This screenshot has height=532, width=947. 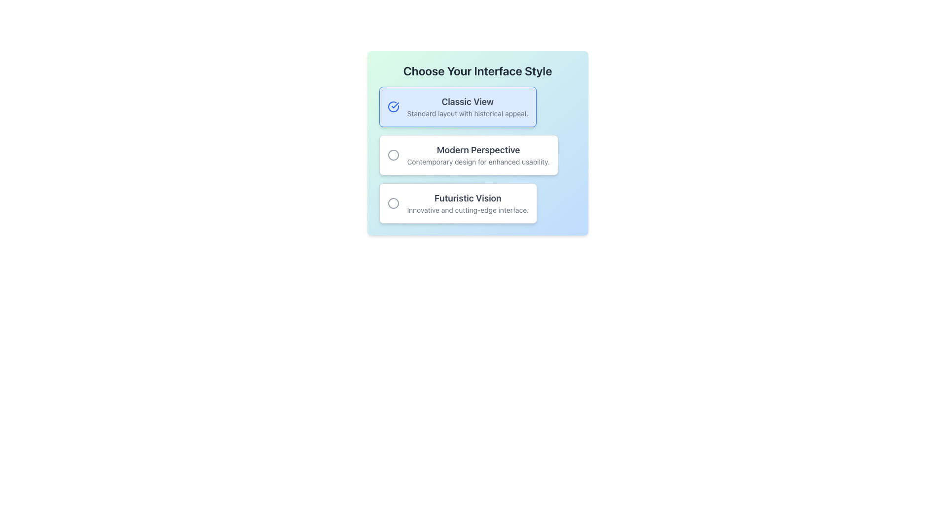 I want to click on the text element reading 'Standard layout with historical appeal.', which is located directly below the title 'Classic View', so click(x=467, y=113).